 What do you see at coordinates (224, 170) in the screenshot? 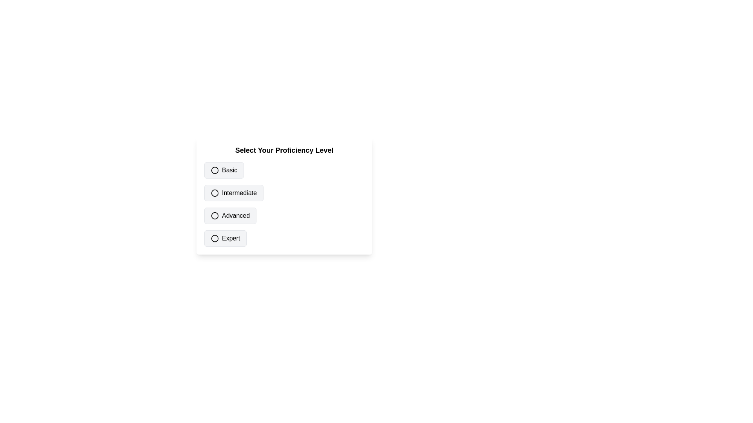
I see `the 'Basic' radio button option, which is the first` at bounding box center [224, 170].